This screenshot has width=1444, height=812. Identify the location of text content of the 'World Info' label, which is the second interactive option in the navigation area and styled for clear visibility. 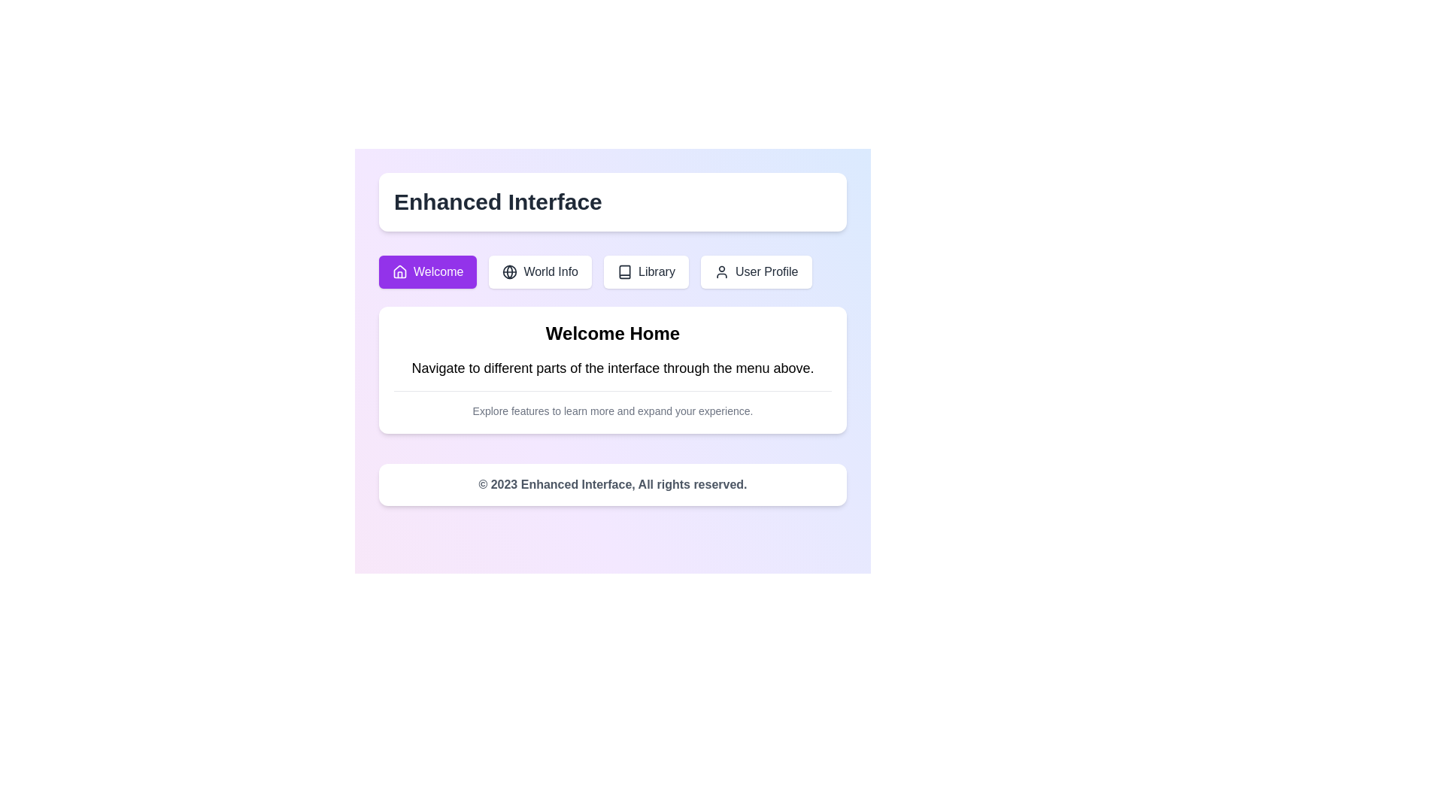
(550, 271).